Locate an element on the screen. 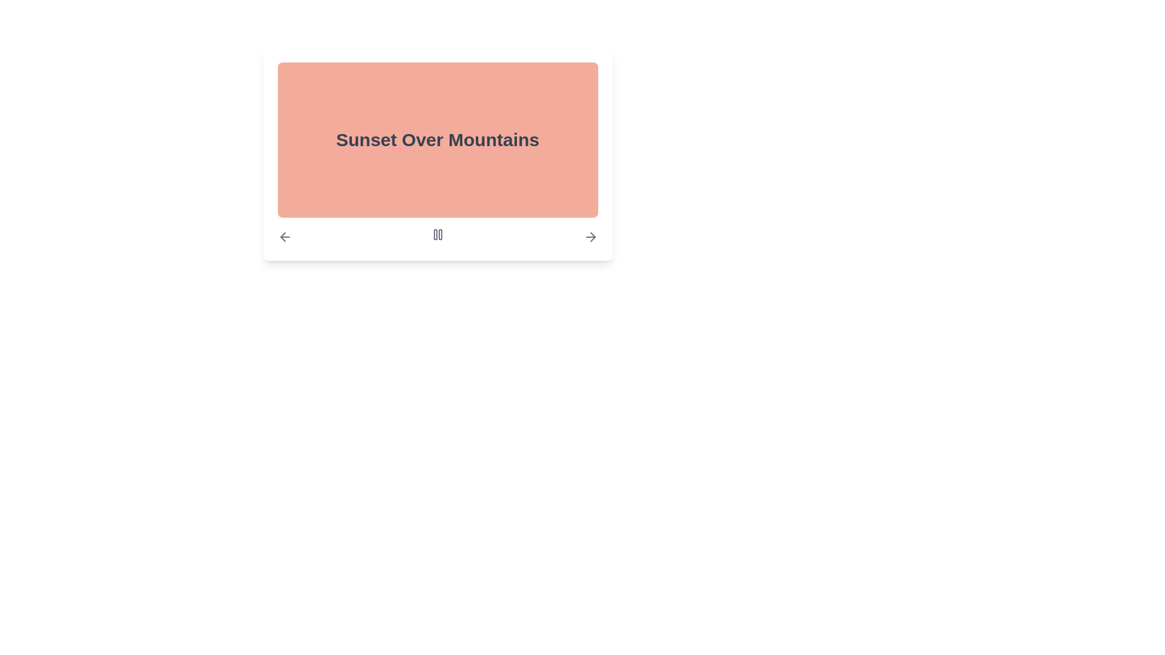 This screenshot has width=1165, height=655. the left vertical bar of the 'pause' icon, which is a white bar with a rounded top and bottom, located centrally under the displayed title and image is located at coordinates (435, 234).